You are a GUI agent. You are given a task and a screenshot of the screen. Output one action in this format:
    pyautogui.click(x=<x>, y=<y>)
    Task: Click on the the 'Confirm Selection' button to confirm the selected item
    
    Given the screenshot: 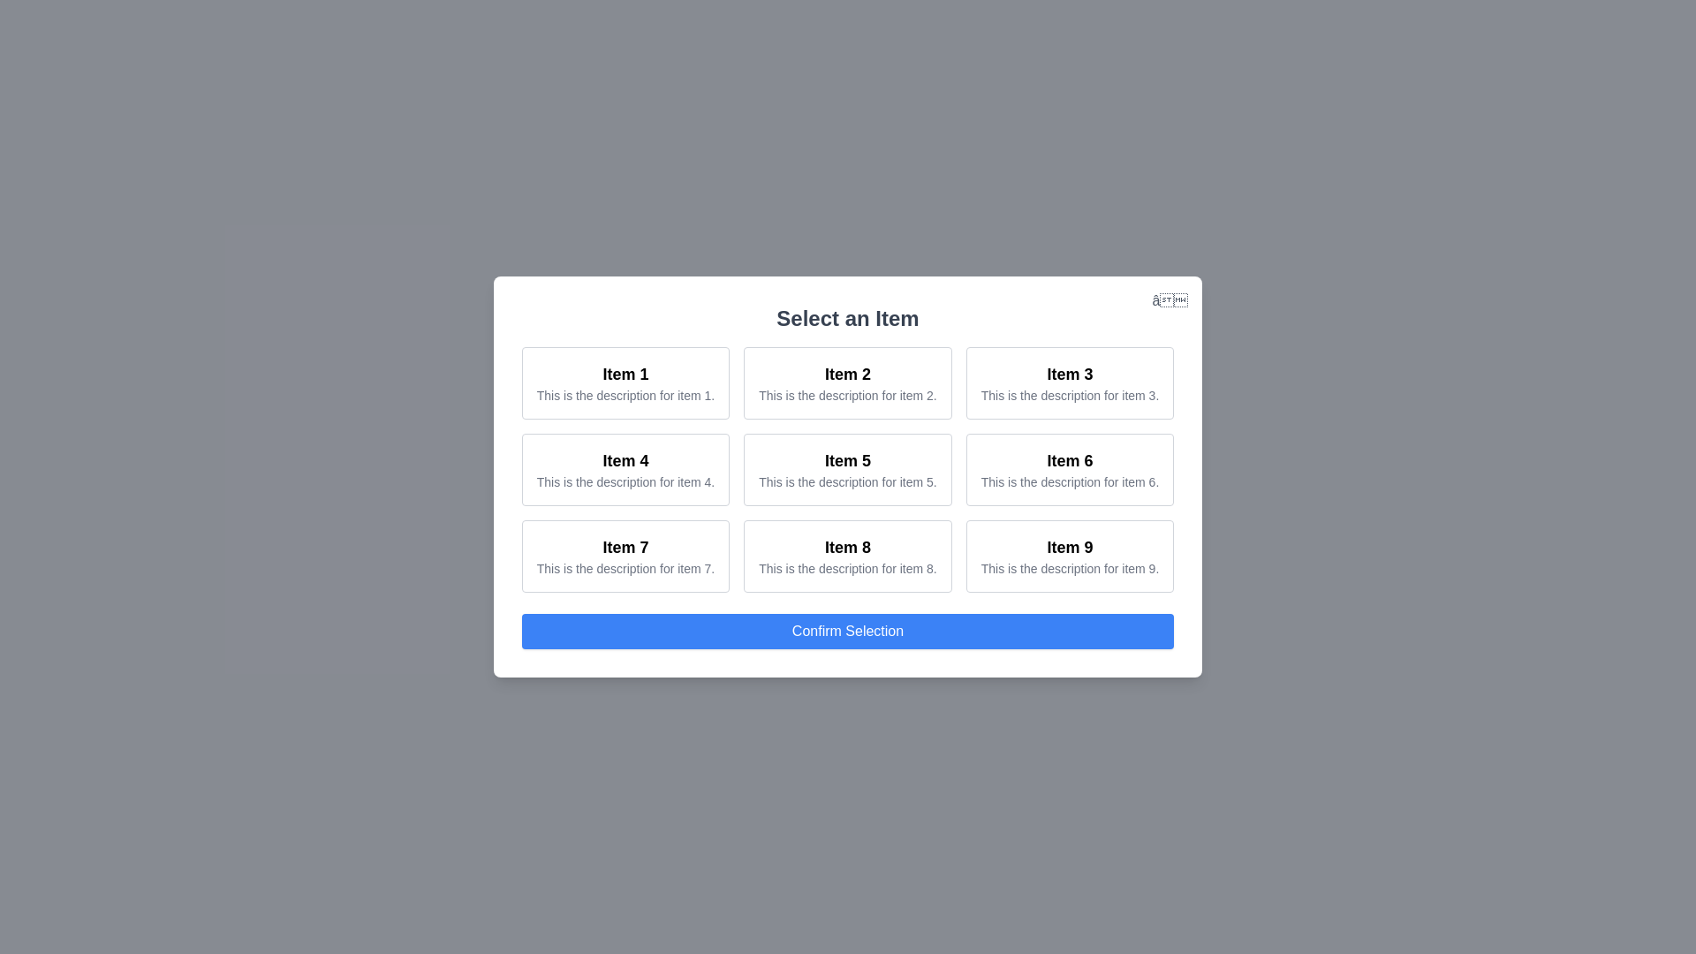 What is the action you would take?
    pyautogui.click(x=848, y=630)
    